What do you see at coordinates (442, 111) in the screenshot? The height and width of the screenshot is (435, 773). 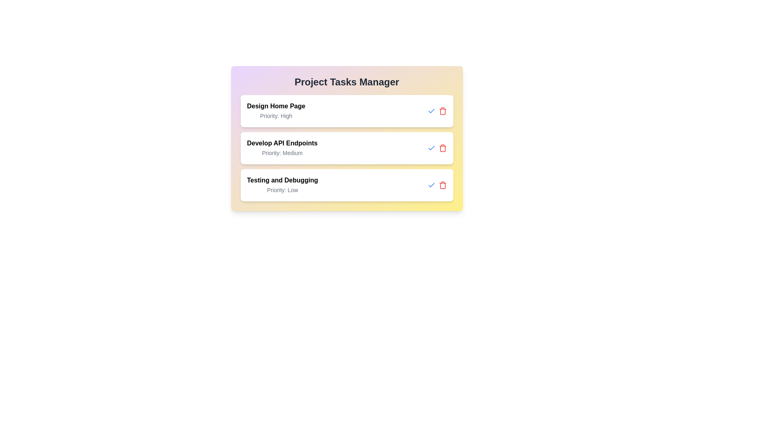 I see `the delete button for the task titled 'Design Home Page'` at bounding box center [442, 111].